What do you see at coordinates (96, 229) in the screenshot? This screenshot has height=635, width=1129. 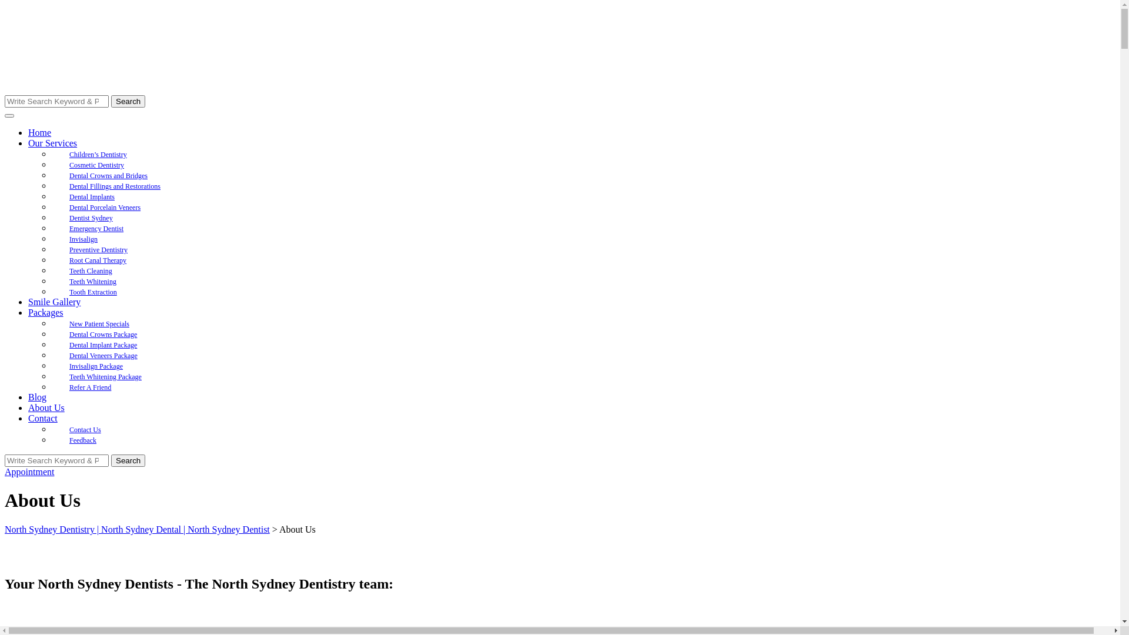 I see `'Emergency Dentist'` at bounding box center [96, 229].